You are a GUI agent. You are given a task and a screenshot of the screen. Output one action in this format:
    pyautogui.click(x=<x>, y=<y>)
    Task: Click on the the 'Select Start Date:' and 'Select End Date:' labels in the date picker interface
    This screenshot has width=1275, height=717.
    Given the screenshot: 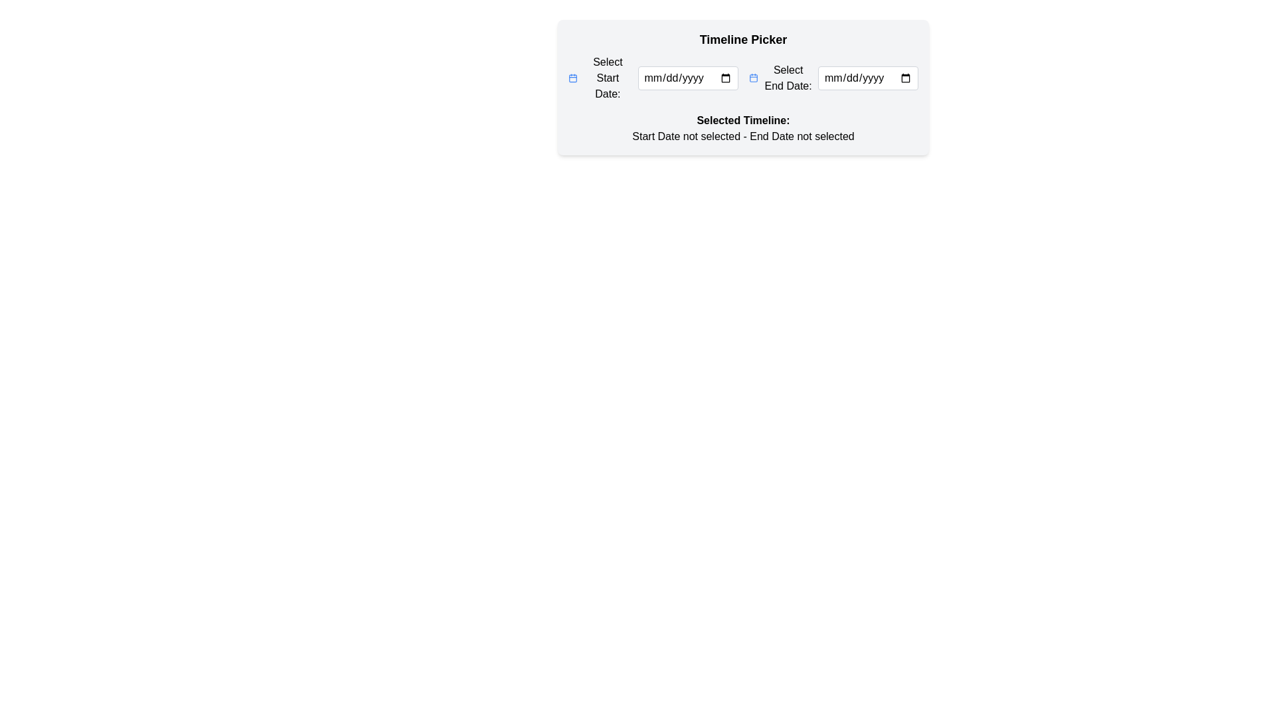 What is the action you would take?
    pyautogui.click(x=742, y=78)
    